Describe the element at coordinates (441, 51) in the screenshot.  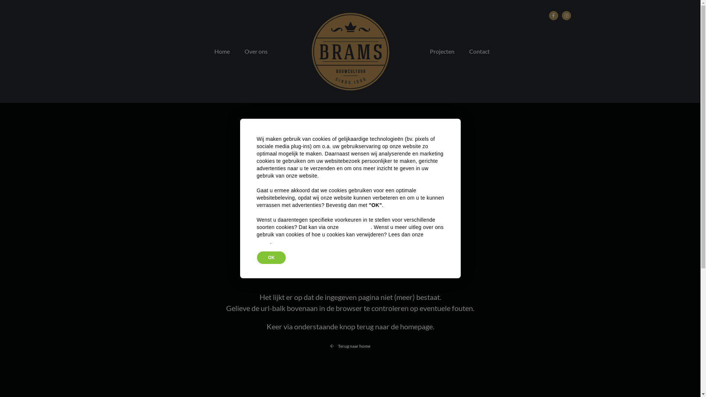
I see `'Projecten'` at that location.